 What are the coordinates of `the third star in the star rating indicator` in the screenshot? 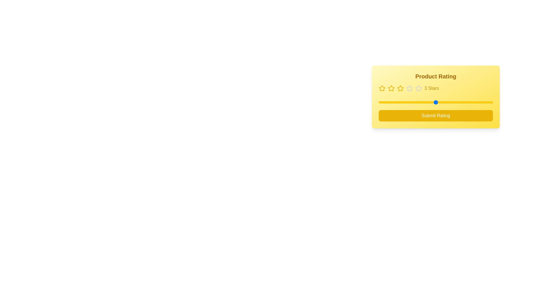 It's located at (409, 88).